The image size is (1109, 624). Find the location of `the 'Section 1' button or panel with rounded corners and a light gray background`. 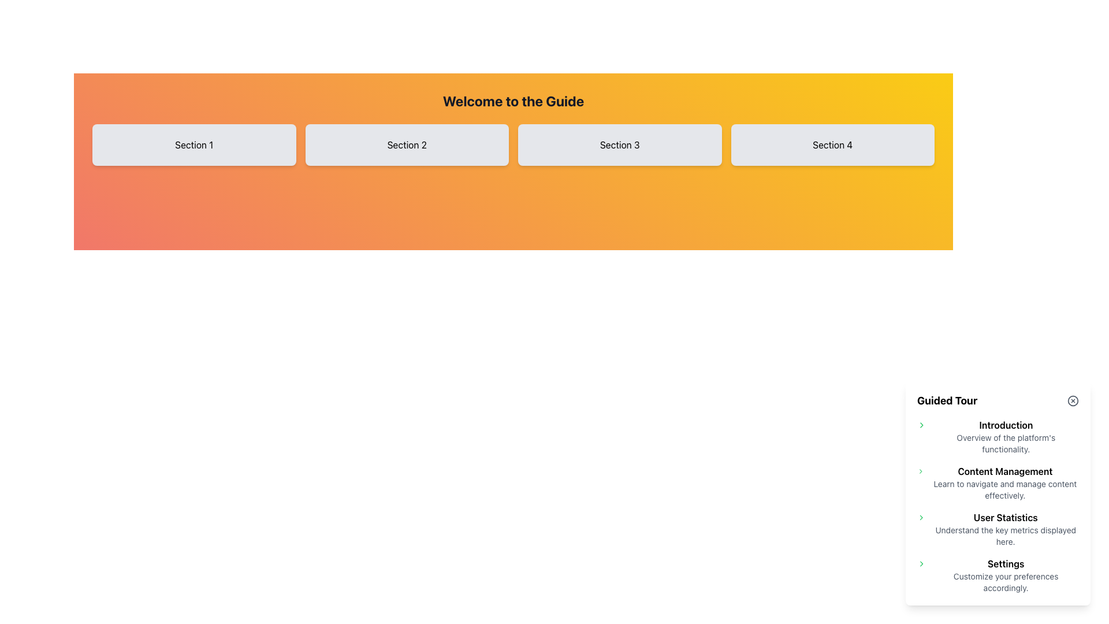

the 'Section 1' button or panel with rounded corners and a light gray background is located at coordinates (194, 144).